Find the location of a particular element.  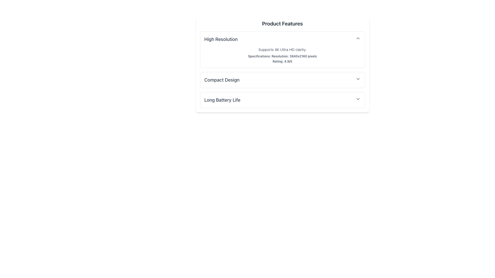

the descriptive text block that details the 4K Ultra HD clarity feature, specifications, and rating, located in the 'High Resolution' section of 'Product Features.' is located at coordinates (282, 55).